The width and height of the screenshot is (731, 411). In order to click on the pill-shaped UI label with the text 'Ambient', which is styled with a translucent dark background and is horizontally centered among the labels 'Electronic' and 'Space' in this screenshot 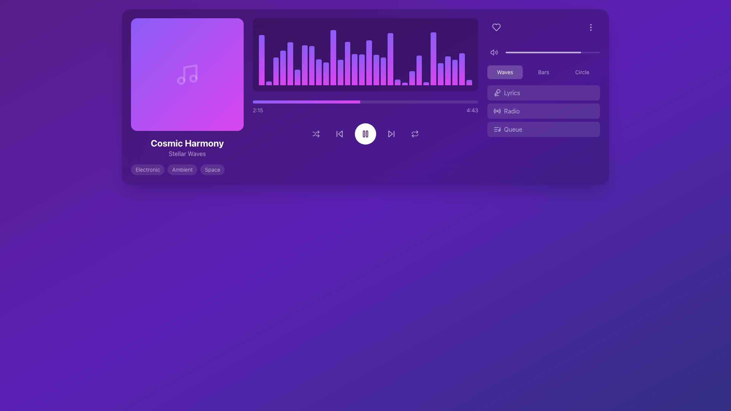, I will do `click(187, 169)`.